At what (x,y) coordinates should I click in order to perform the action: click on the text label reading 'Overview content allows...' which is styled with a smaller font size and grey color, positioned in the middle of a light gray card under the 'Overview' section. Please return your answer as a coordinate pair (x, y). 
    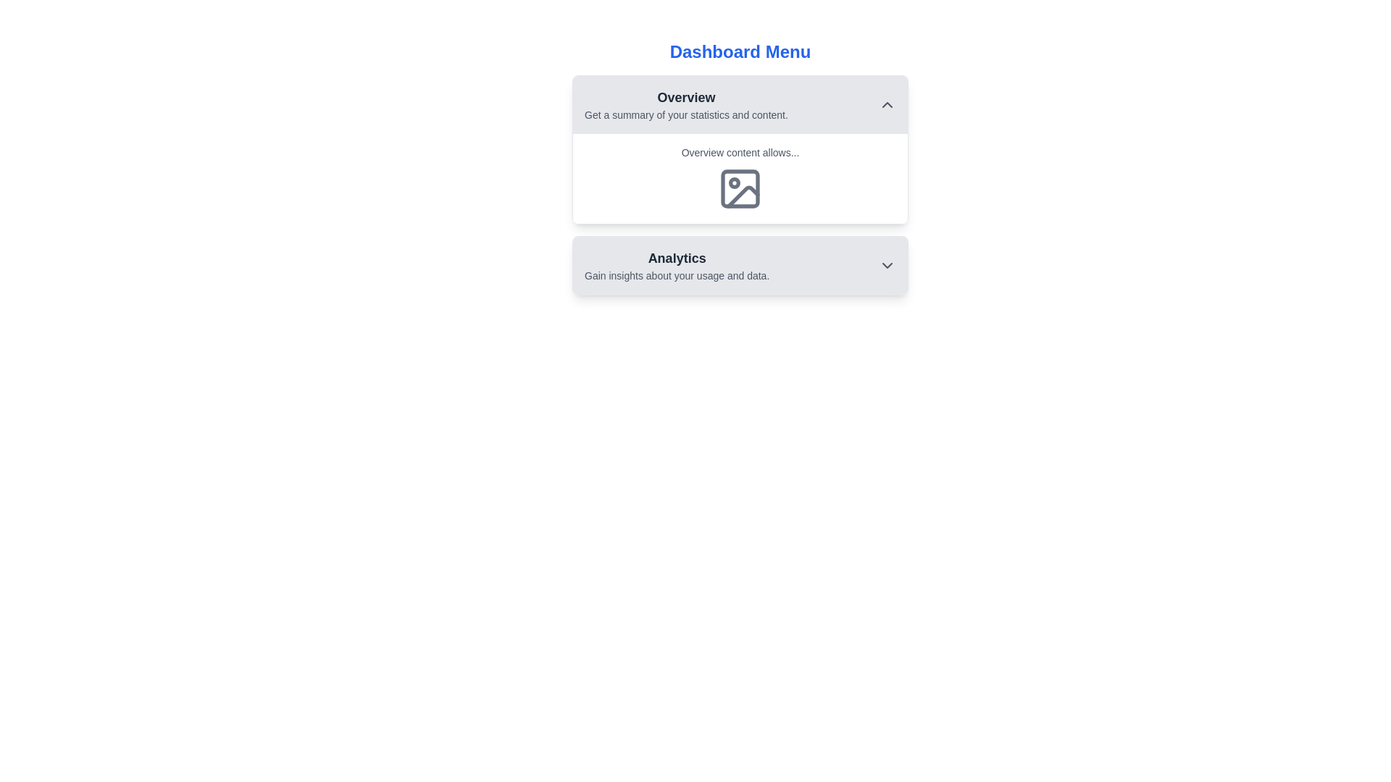
    Looking at the image, I should click on (740, 153).